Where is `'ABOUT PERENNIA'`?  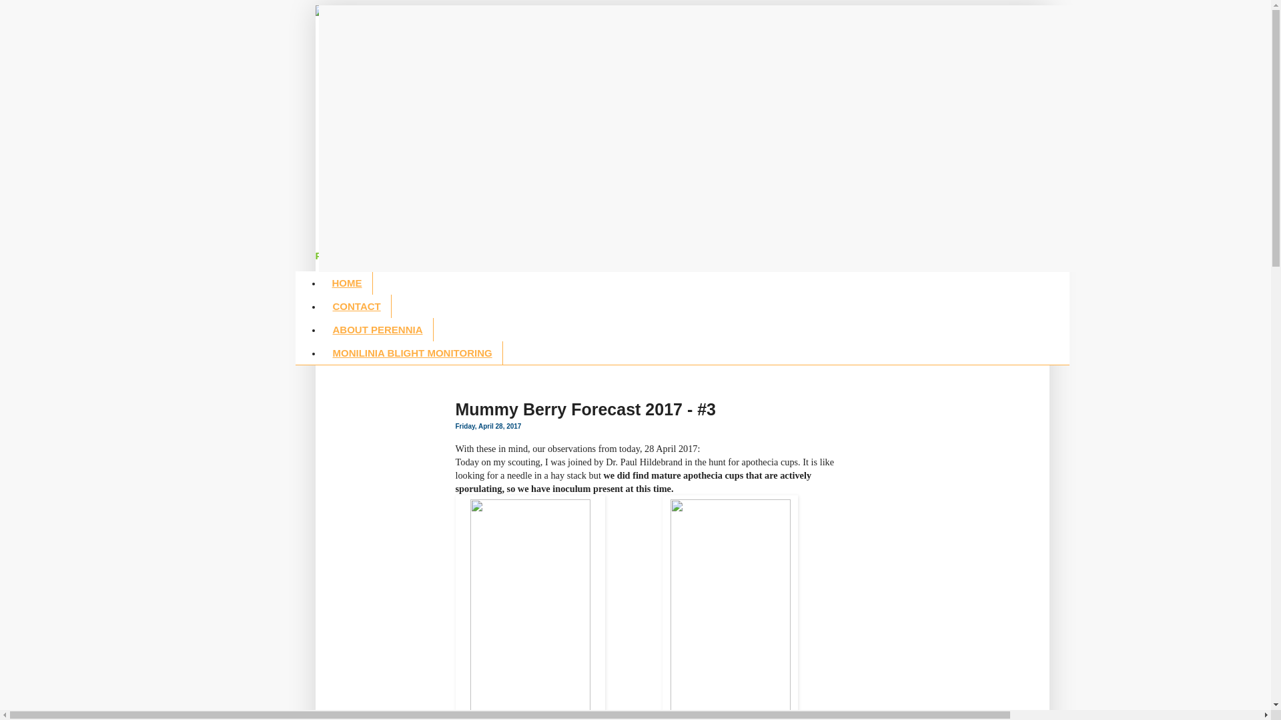
'ABOUT PERENNIA' is located at coordinates (321, 329).